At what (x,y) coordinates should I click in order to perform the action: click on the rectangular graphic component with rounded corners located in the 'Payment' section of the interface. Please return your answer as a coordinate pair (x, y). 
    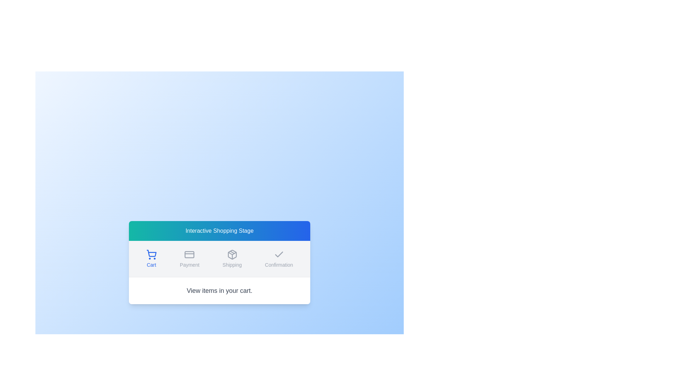
    Looking at the image, I should click on (189, 254).